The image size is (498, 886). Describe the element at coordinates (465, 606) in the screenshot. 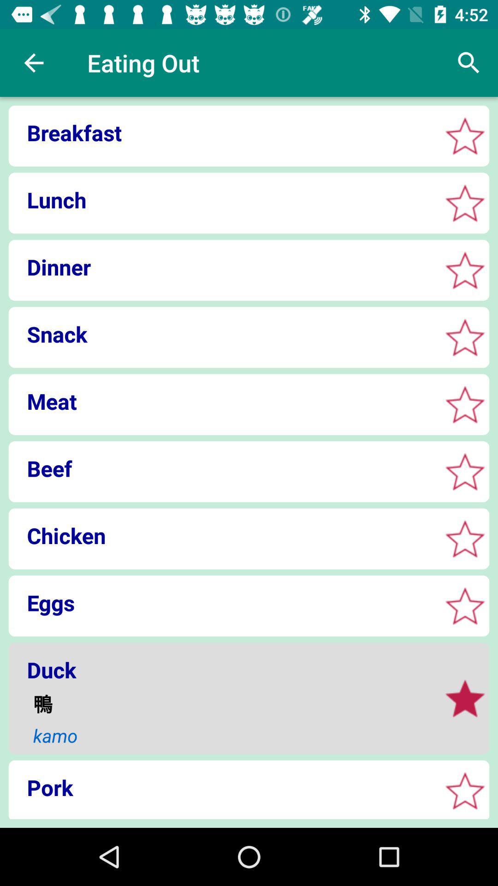

I see `eggs` at that location.